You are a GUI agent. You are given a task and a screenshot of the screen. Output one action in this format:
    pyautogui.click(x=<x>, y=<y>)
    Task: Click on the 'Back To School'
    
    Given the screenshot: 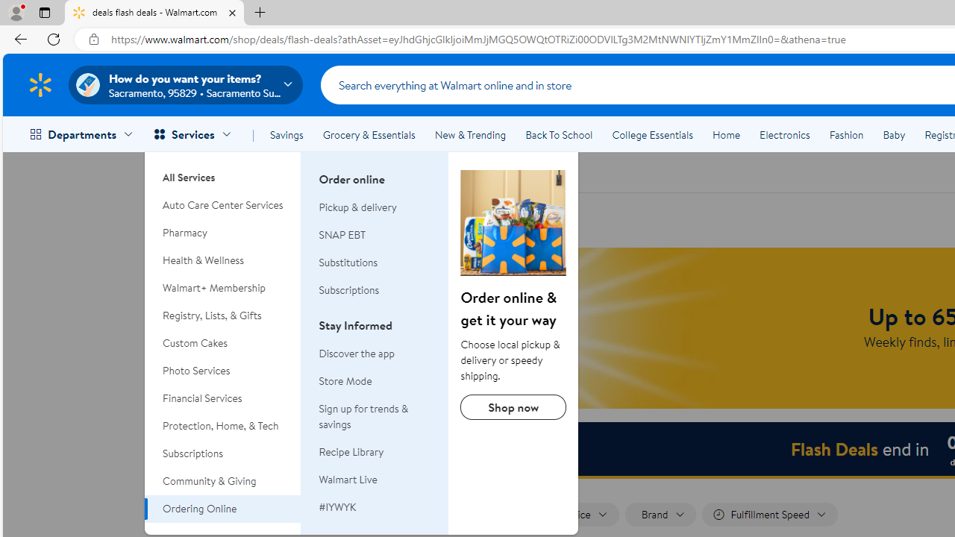 What is the action you would take?
    pyautogui.click(x=558, y=135)
    